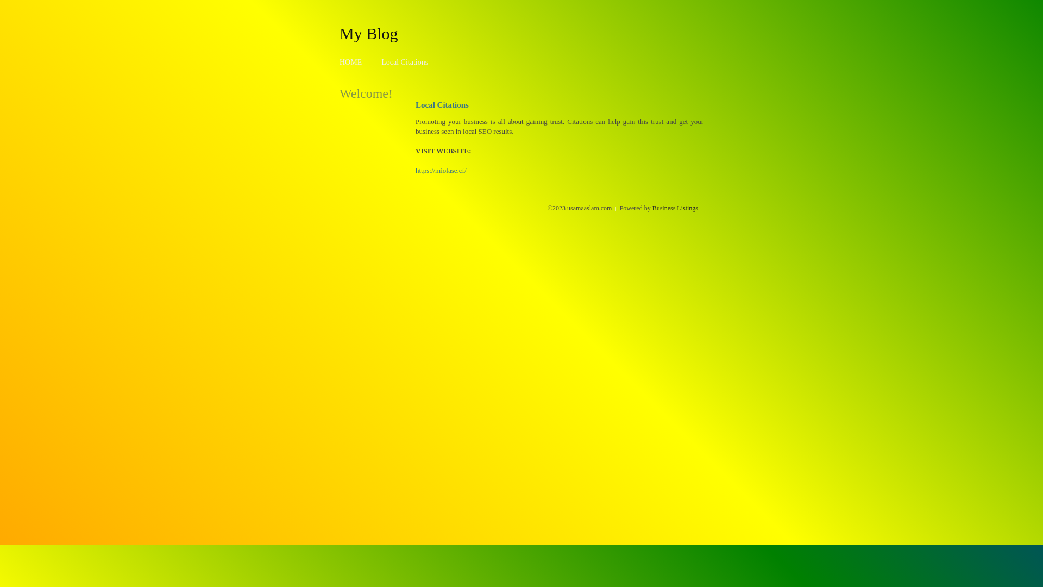  Describe the element at coordinates (368, 33) in the screenshot. I see `'My Blog'` at that location.